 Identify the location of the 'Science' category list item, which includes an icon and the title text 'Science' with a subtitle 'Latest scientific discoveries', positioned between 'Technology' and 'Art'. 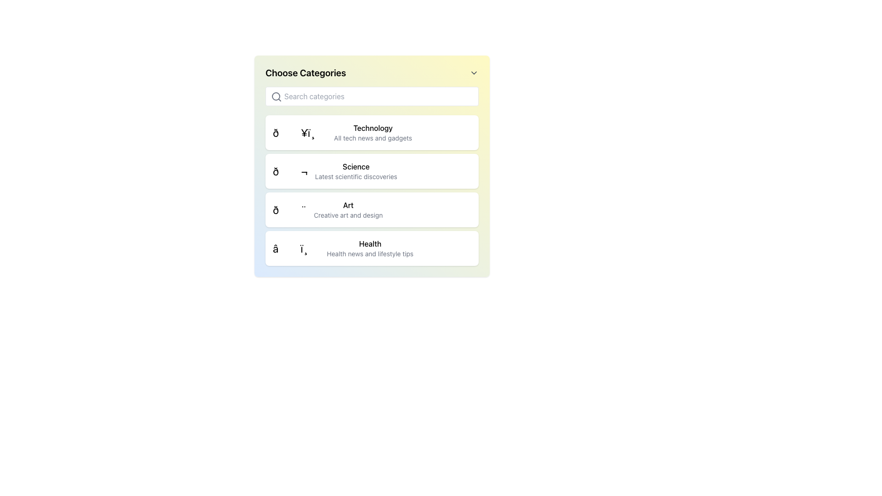
(334, 171).